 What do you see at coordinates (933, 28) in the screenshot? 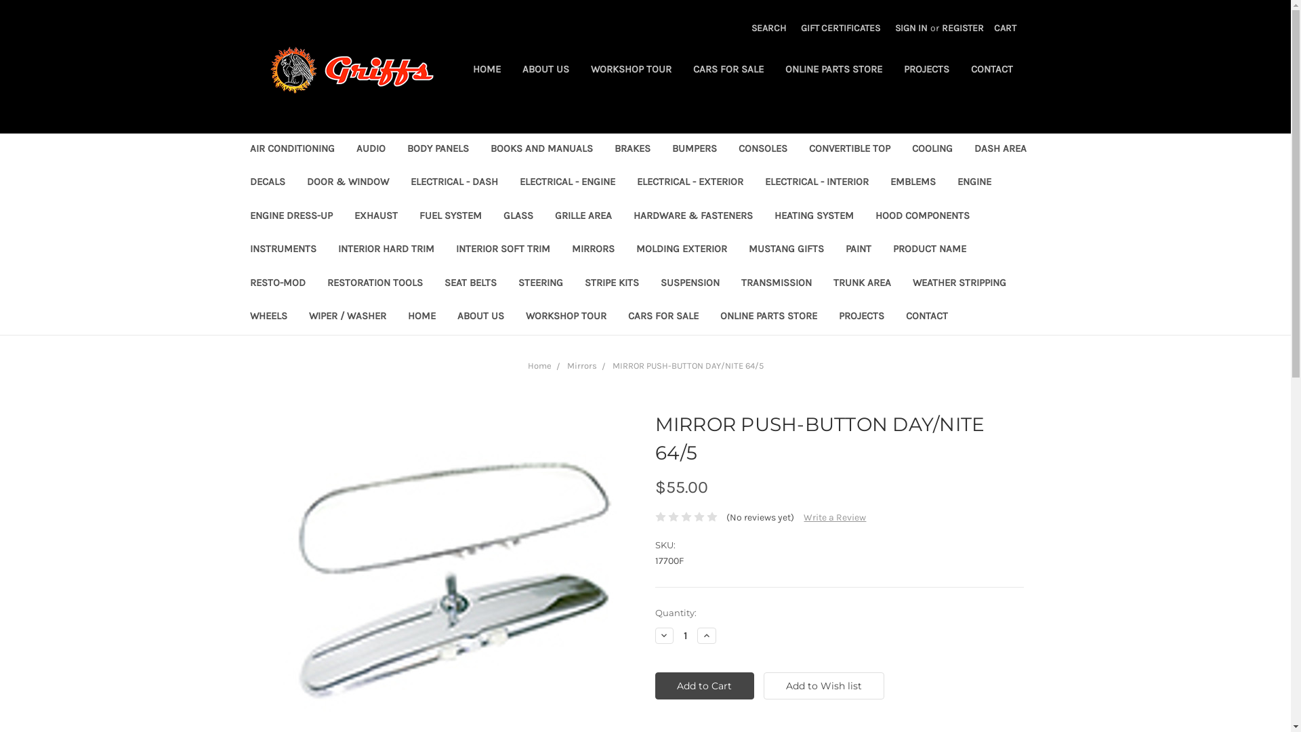
I see `'REGISTER'` at bounding box center [933, 28].